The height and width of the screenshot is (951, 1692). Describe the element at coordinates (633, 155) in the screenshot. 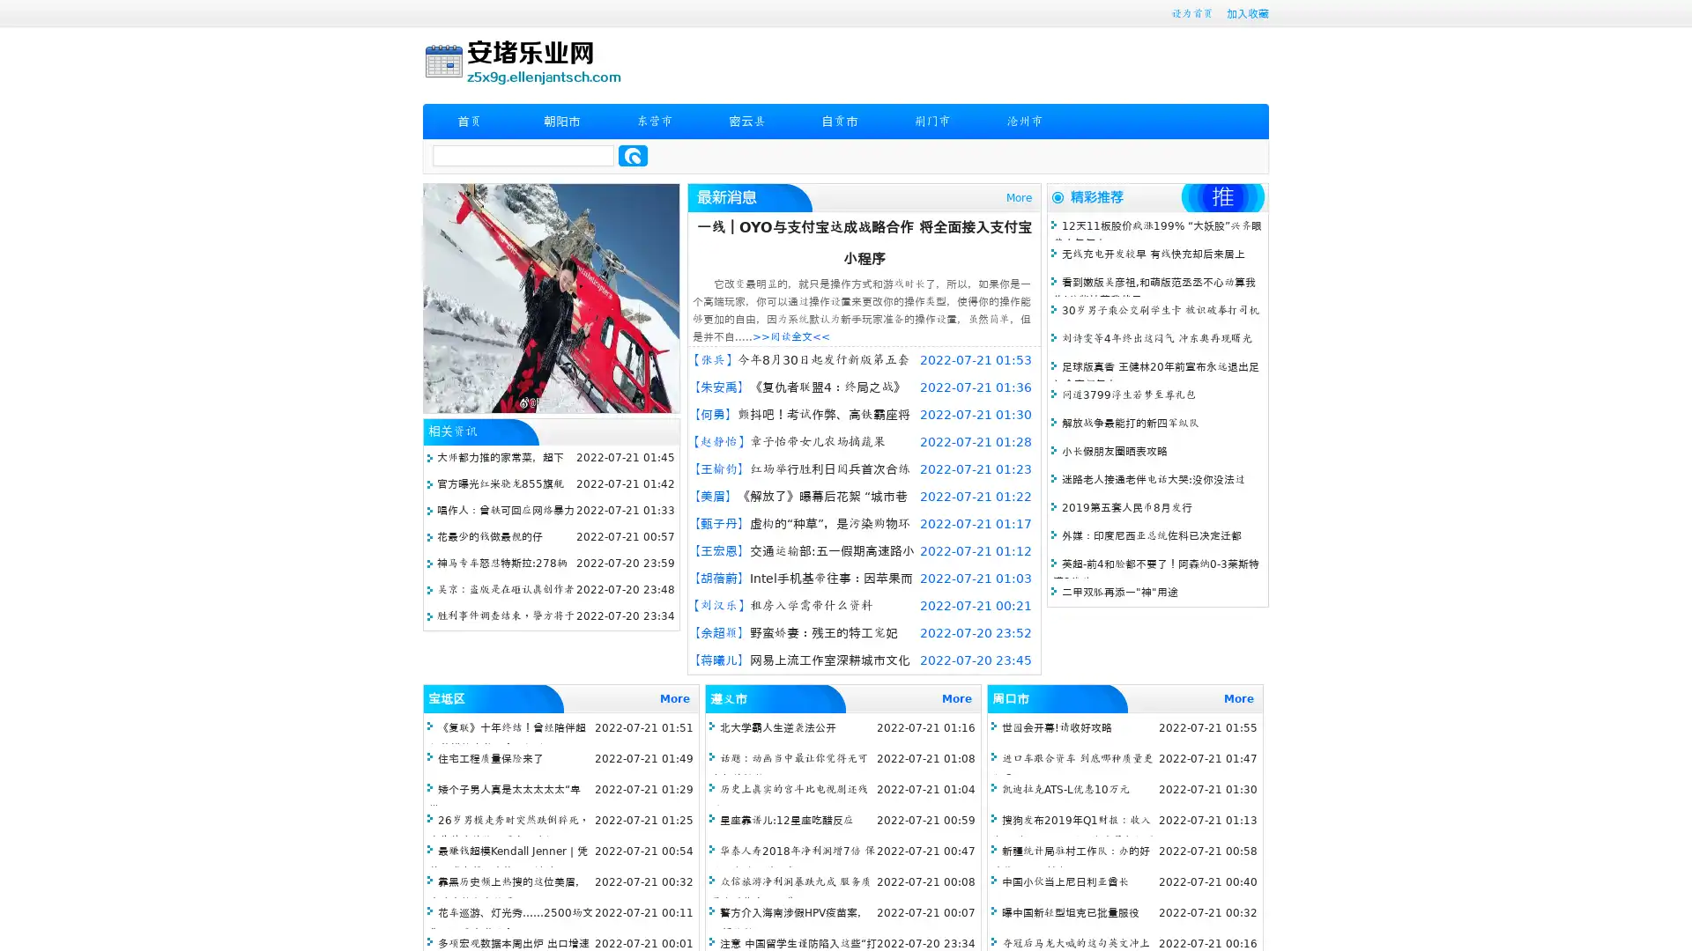

I see `Search` at that location.